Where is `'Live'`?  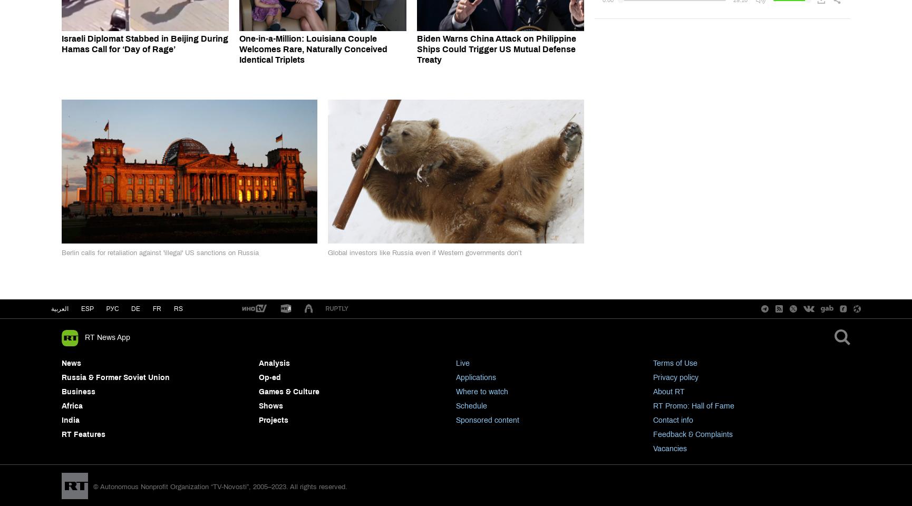 'Live' is located at coordinates (456, 363).